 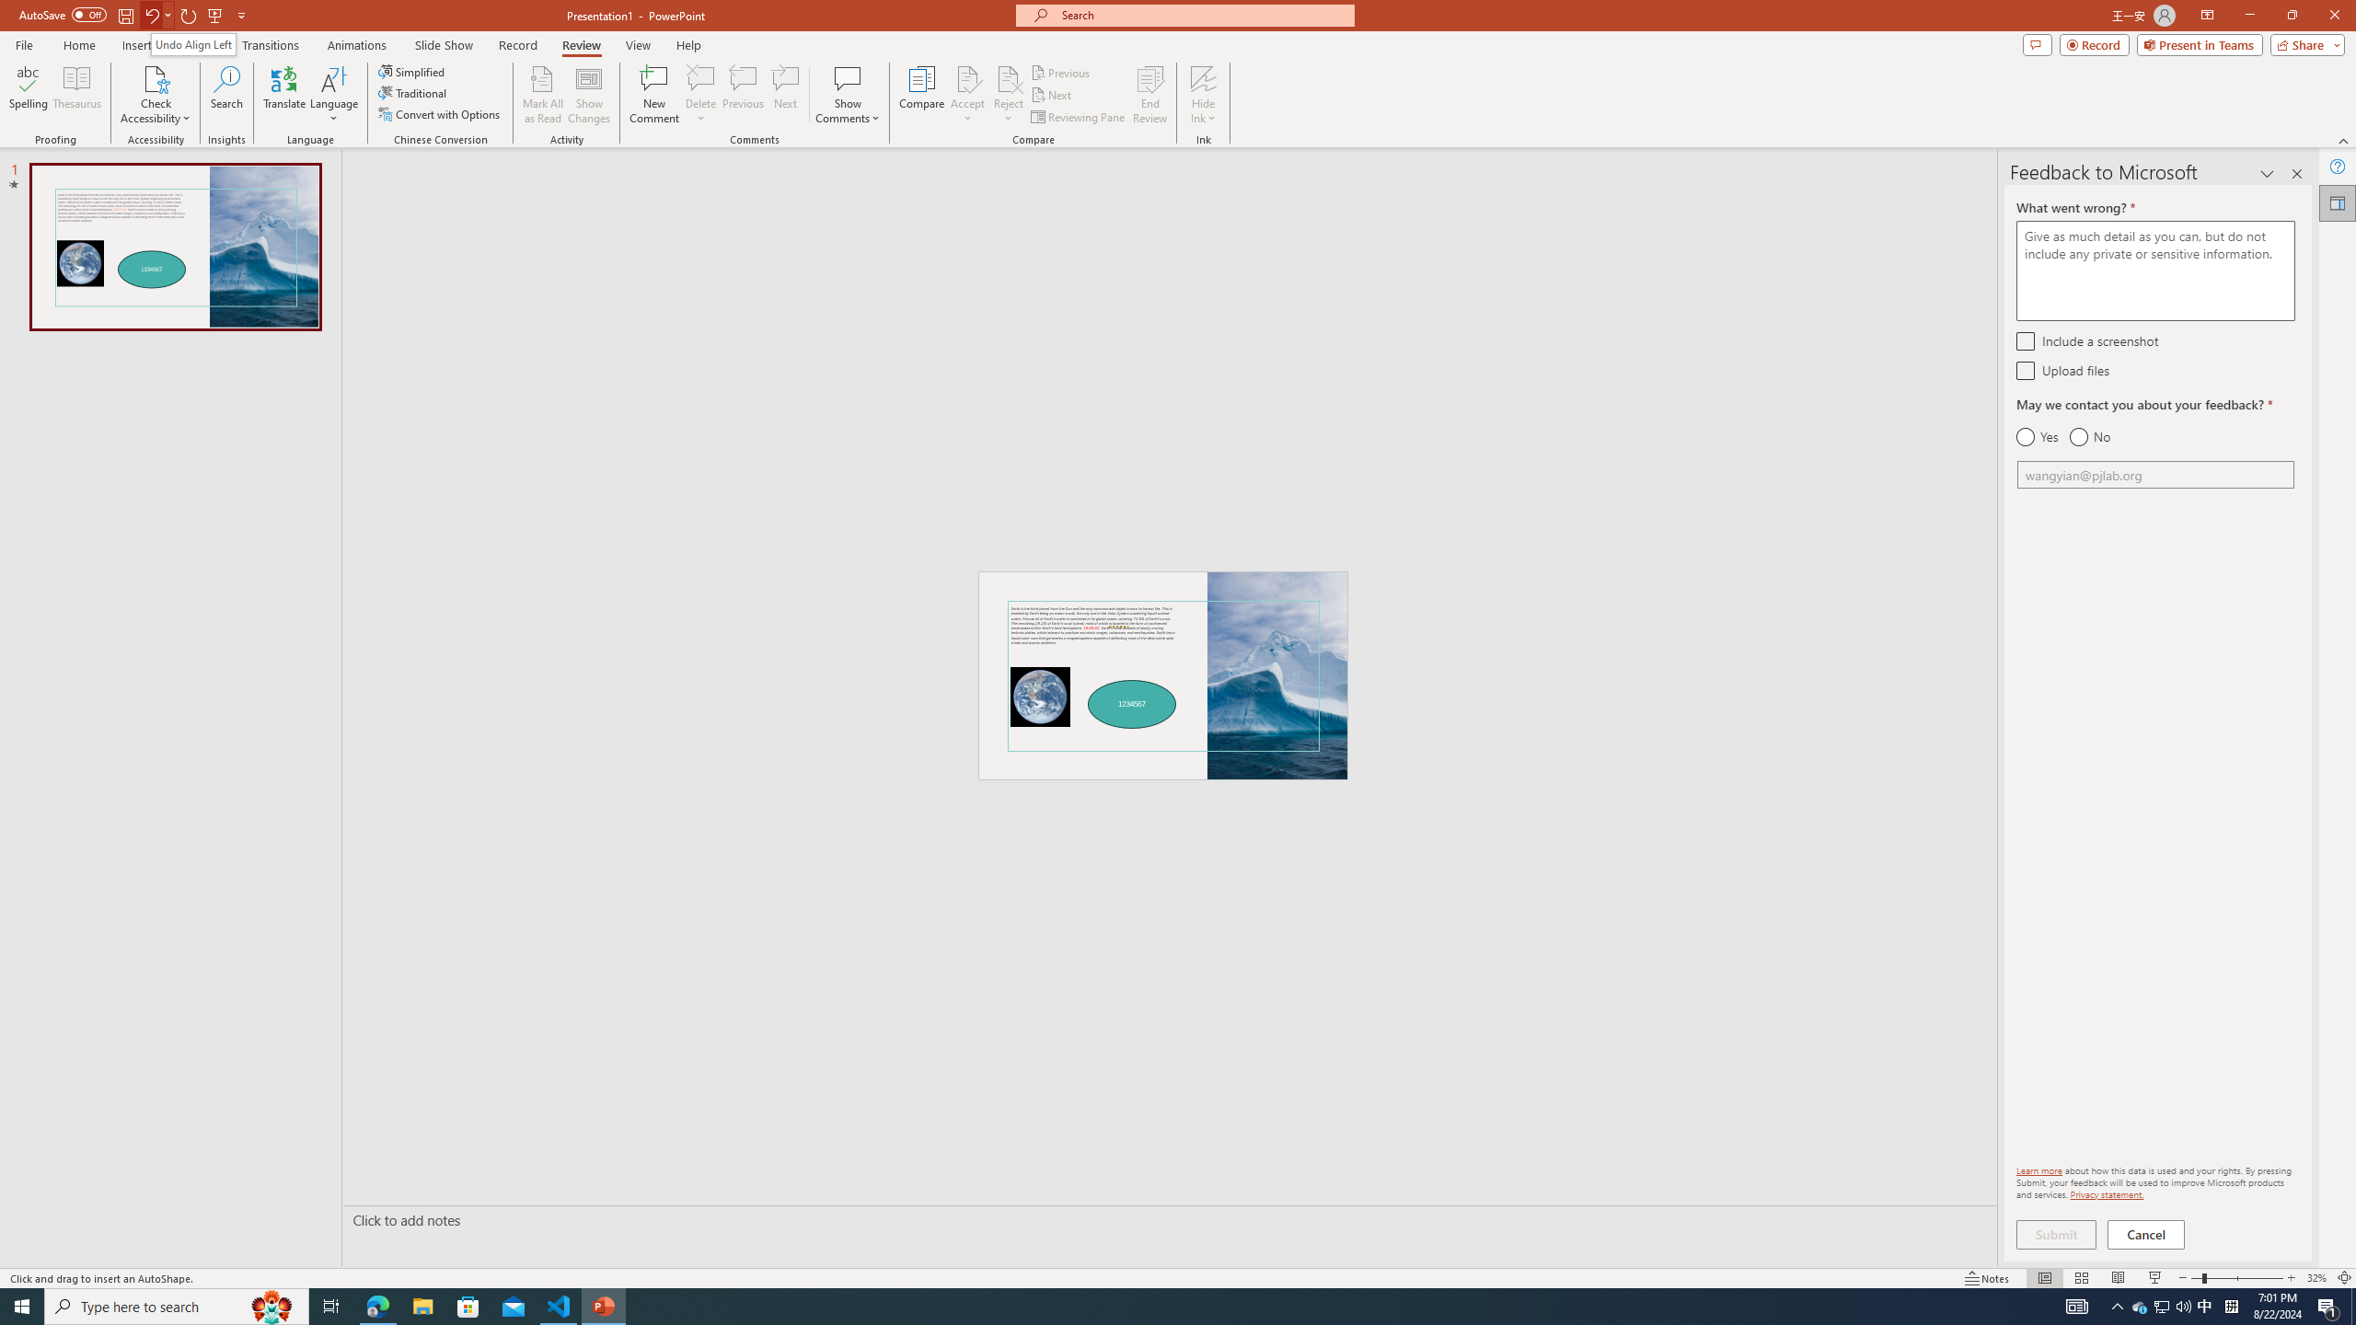 What do you see at coordinates (1051, 95) in the screenshot?
I see `'Next'` at bounding box center [1051, 95].